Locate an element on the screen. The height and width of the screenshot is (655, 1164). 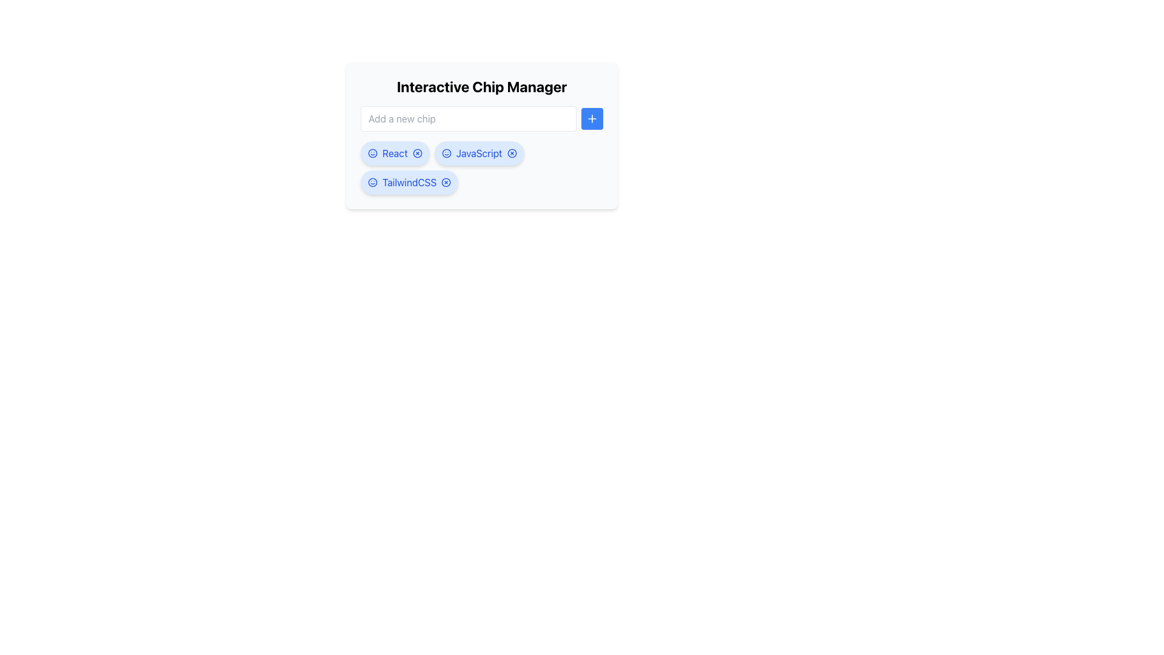
the small circular button with an 'X' inside it, located at the right-hand side of the 'TailwindCSS' label is located at coordinates (446, 182).